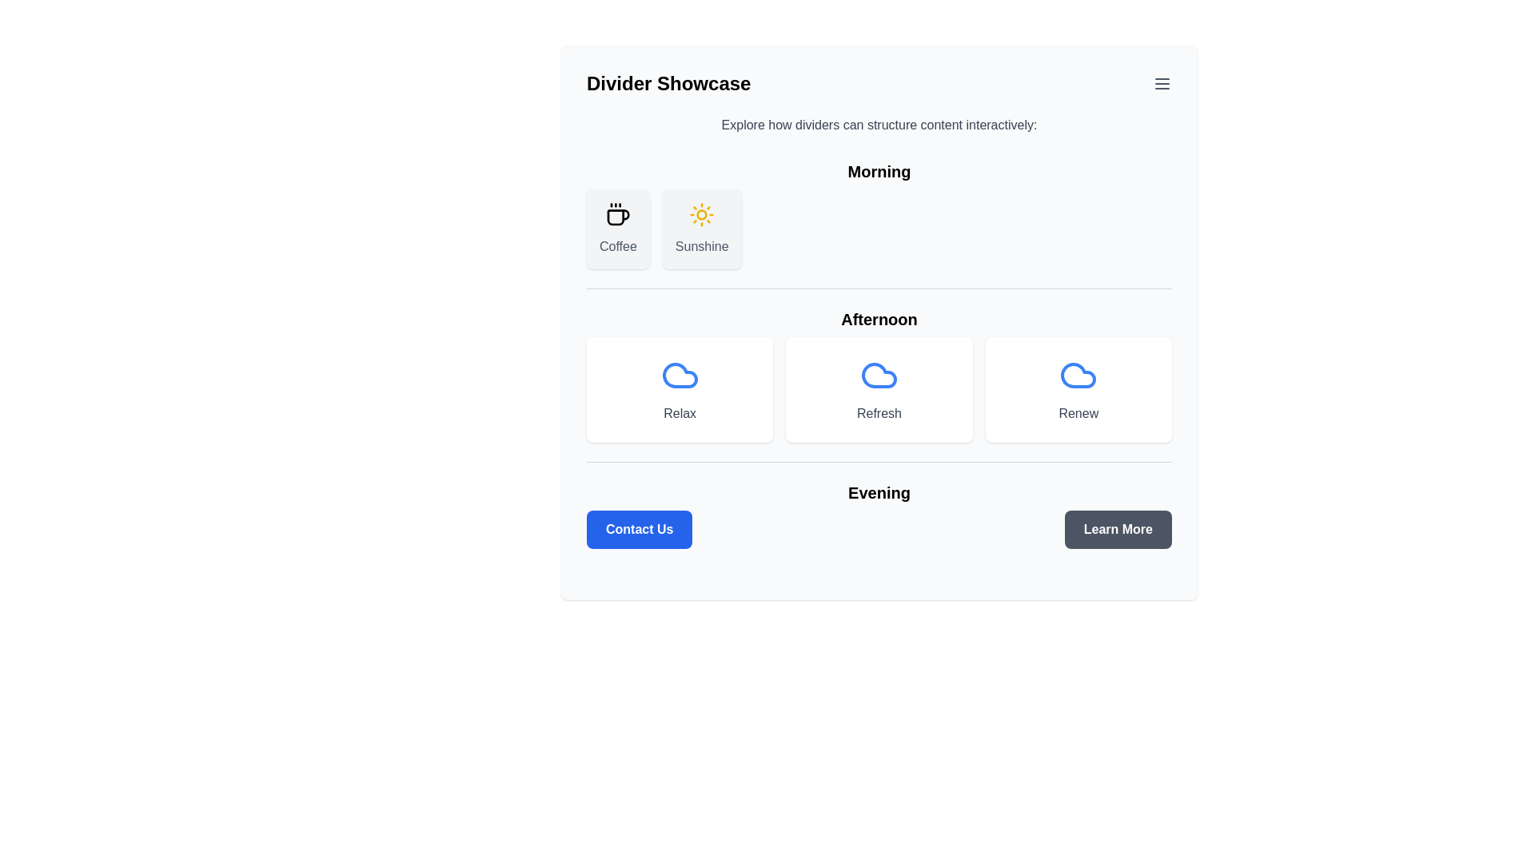 Image resolution: width=1535 pixels, height=863 pixels. Describe the element at coordinates (680, 376) in the screenshot. I see `the 'Relax' card icon, which visually represents a cloud and is located above the text 'Relax' in the first card of the 'Afternoon' section` at that location.